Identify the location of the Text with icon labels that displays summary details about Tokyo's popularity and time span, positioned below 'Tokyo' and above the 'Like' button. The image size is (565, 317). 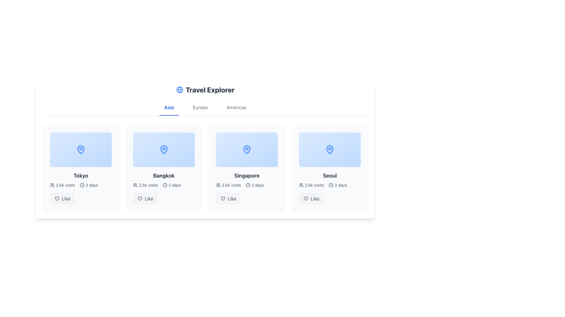
(80, 185).